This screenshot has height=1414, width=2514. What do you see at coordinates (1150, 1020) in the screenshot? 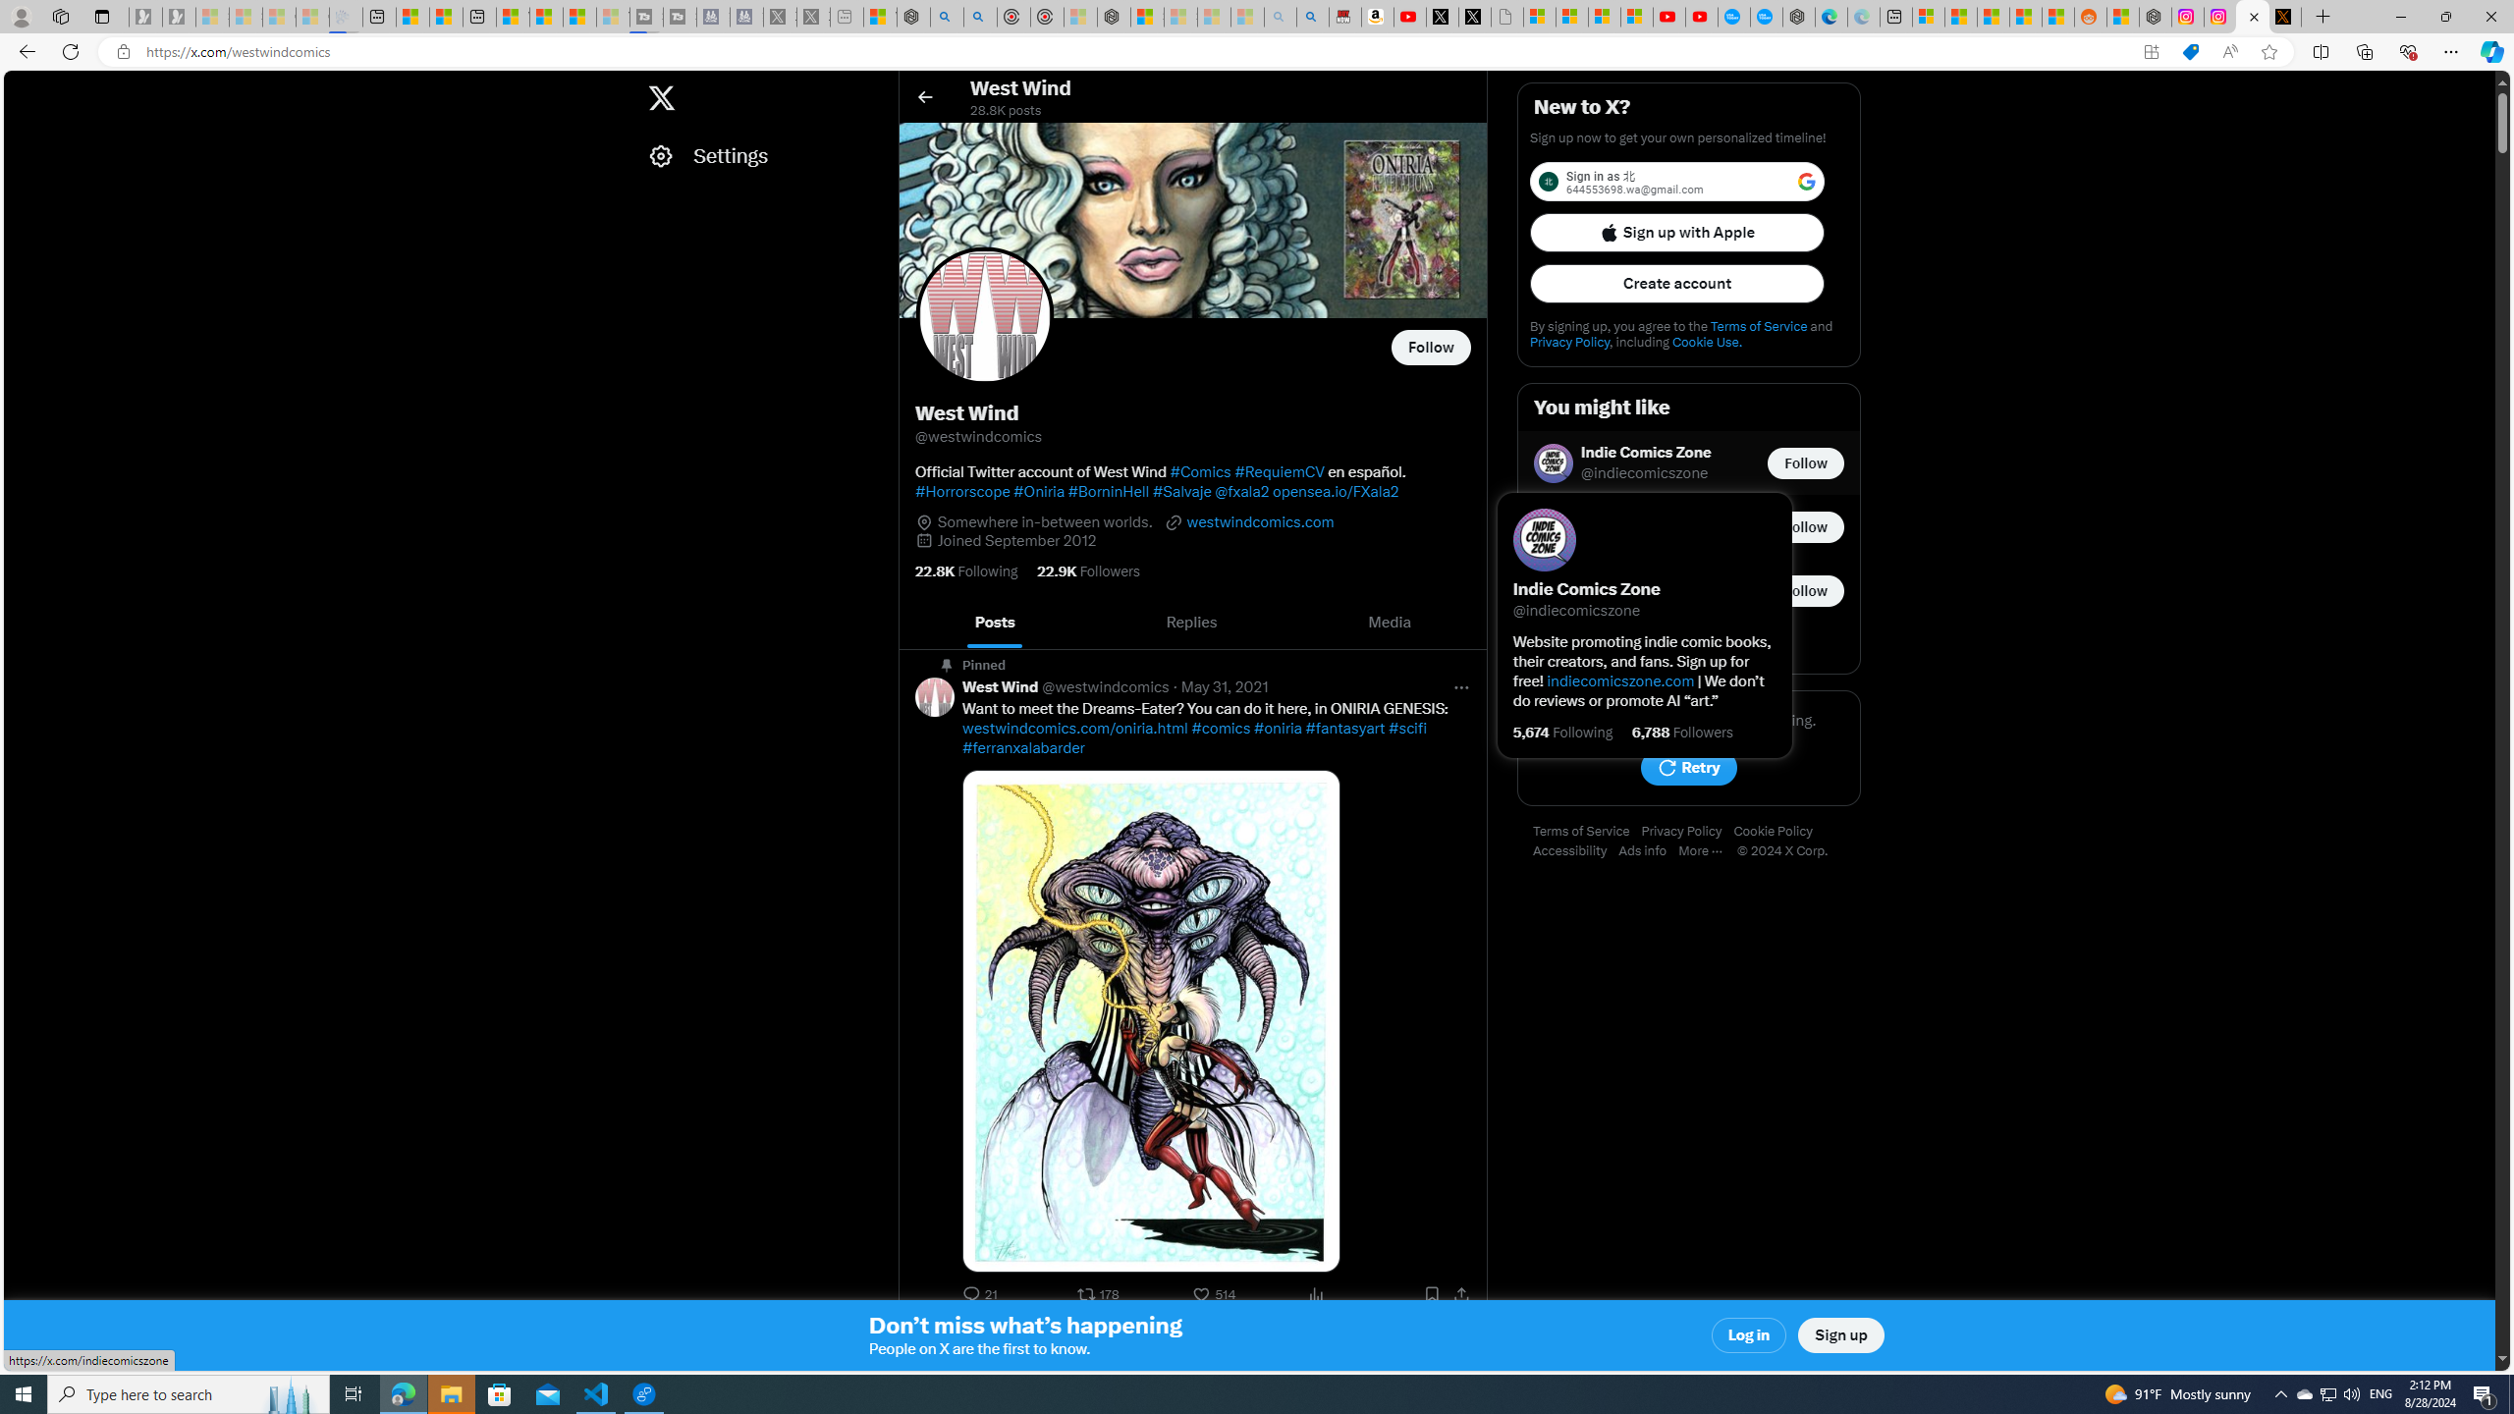
I see `'Image'` at bounding box center [1150, 1020].